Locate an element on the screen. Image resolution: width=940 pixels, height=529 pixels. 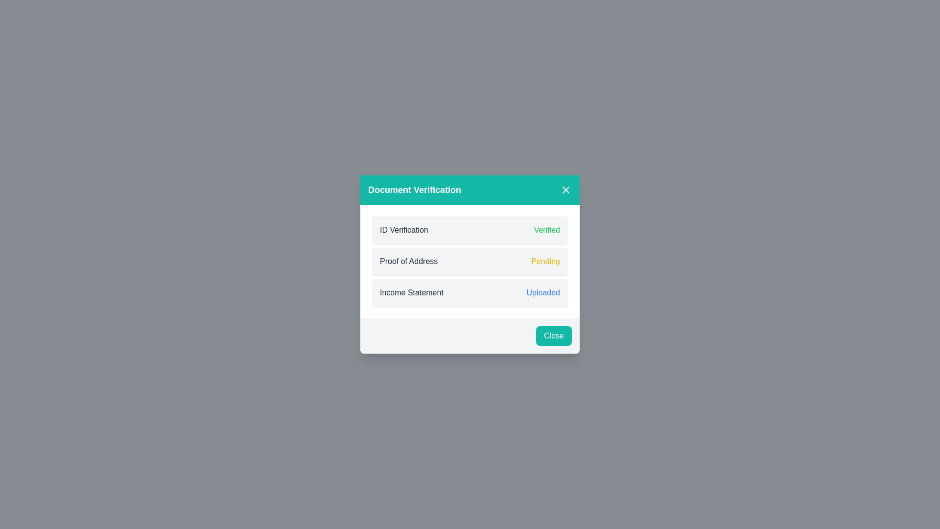
the static text label reading 'Income Statement', which is the leftmost element in the third row of the 'Document Verification' modal interface is located at coordinates (411, 292).